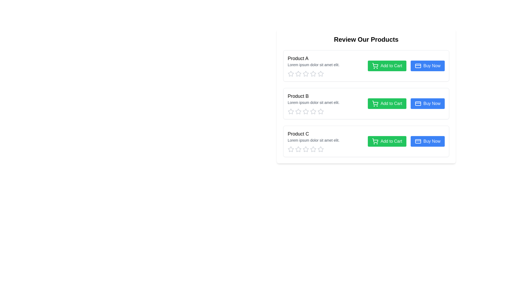  I want to click on the fifth star icon to provide a rating for 'Product C', which is located in a horizontal row of five stars below the product information, so click(320, 149).